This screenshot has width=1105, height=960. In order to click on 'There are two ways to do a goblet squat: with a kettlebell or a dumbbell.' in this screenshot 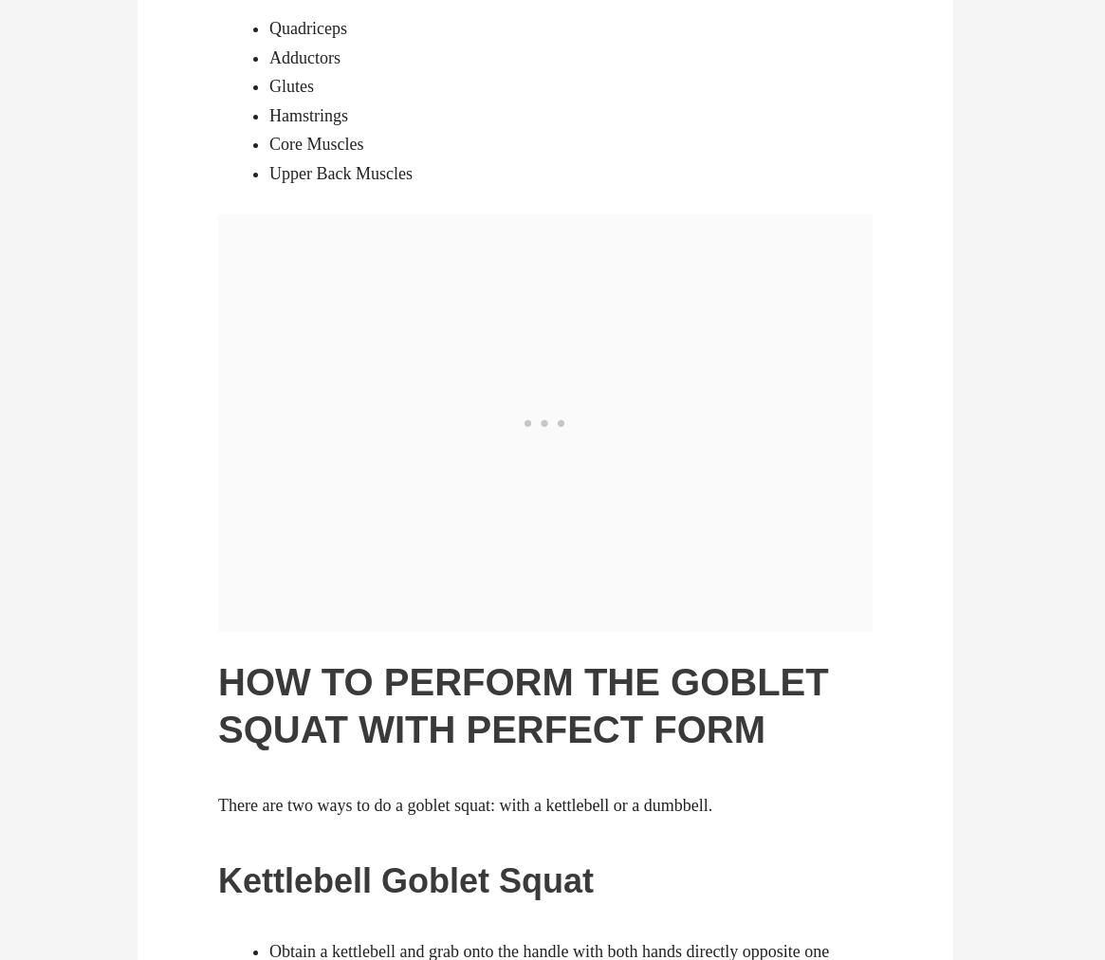, I will do `click(464, 803)`.